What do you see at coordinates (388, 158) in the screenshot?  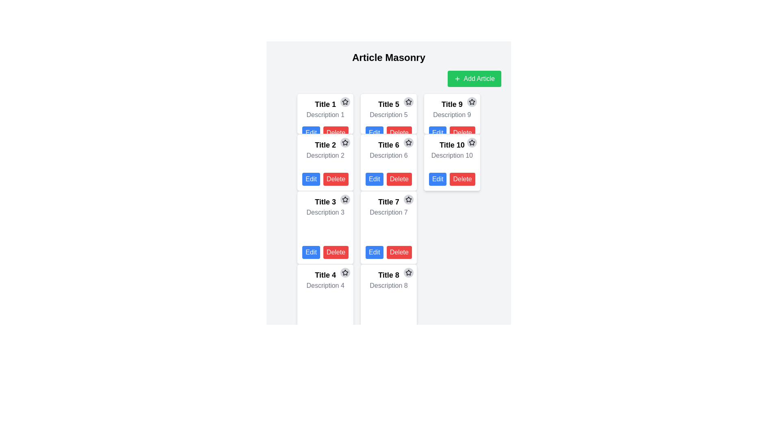 I see `the descriptive text element located within the card titled 'Title 6', which is positioned below the heading and above the action buttons 'Edit' and 'Delete'` at bounding box center [388, 158].